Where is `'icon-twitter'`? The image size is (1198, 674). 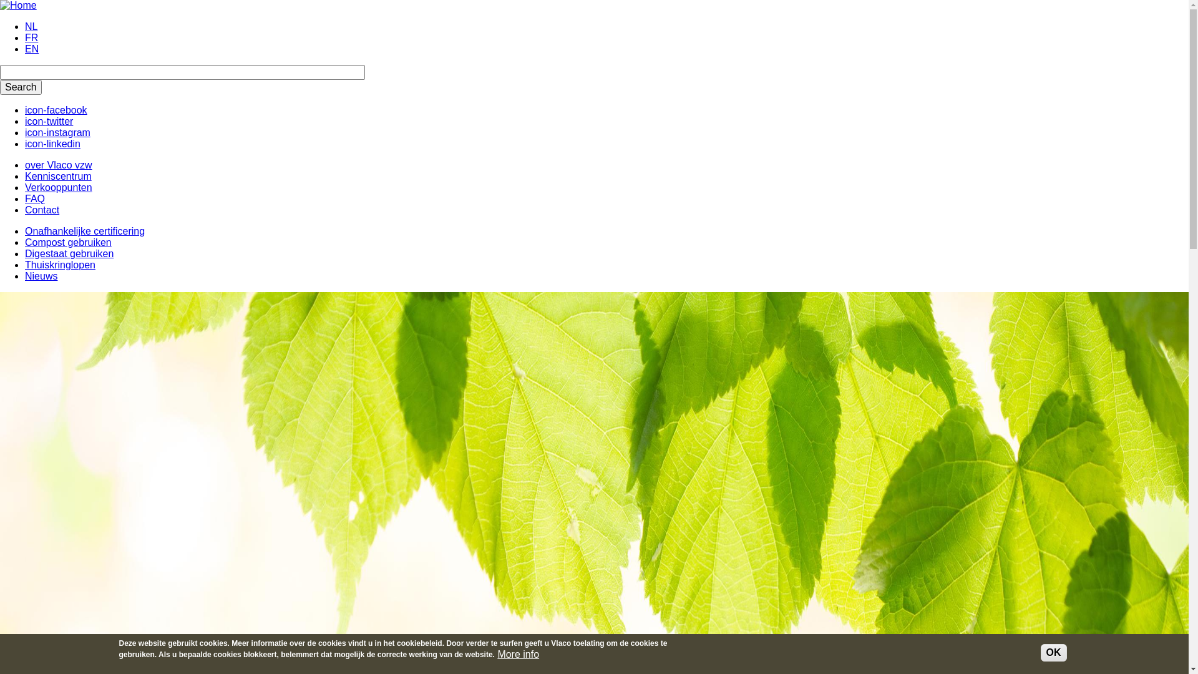
'icon-twitter' is located at coordinates (49, 121).